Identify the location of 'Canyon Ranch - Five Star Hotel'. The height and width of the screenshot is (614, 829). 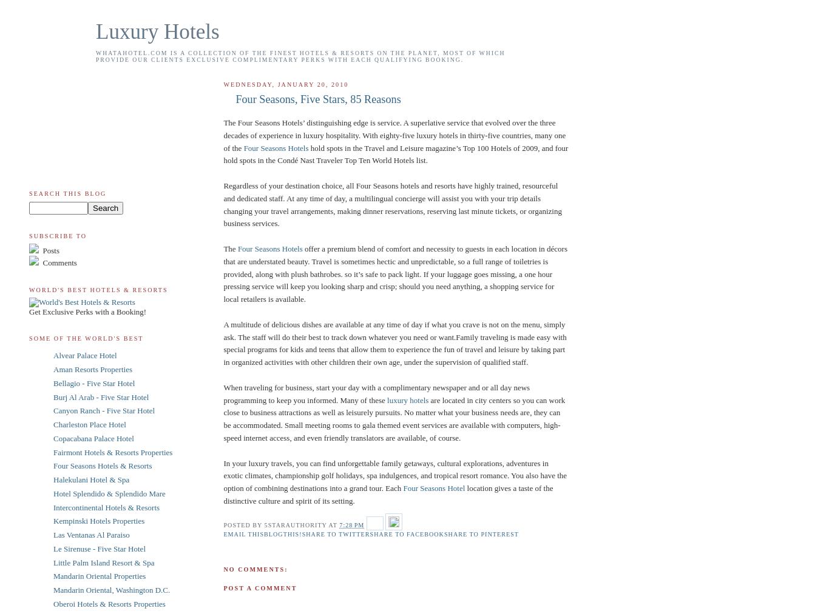
(103, 410).